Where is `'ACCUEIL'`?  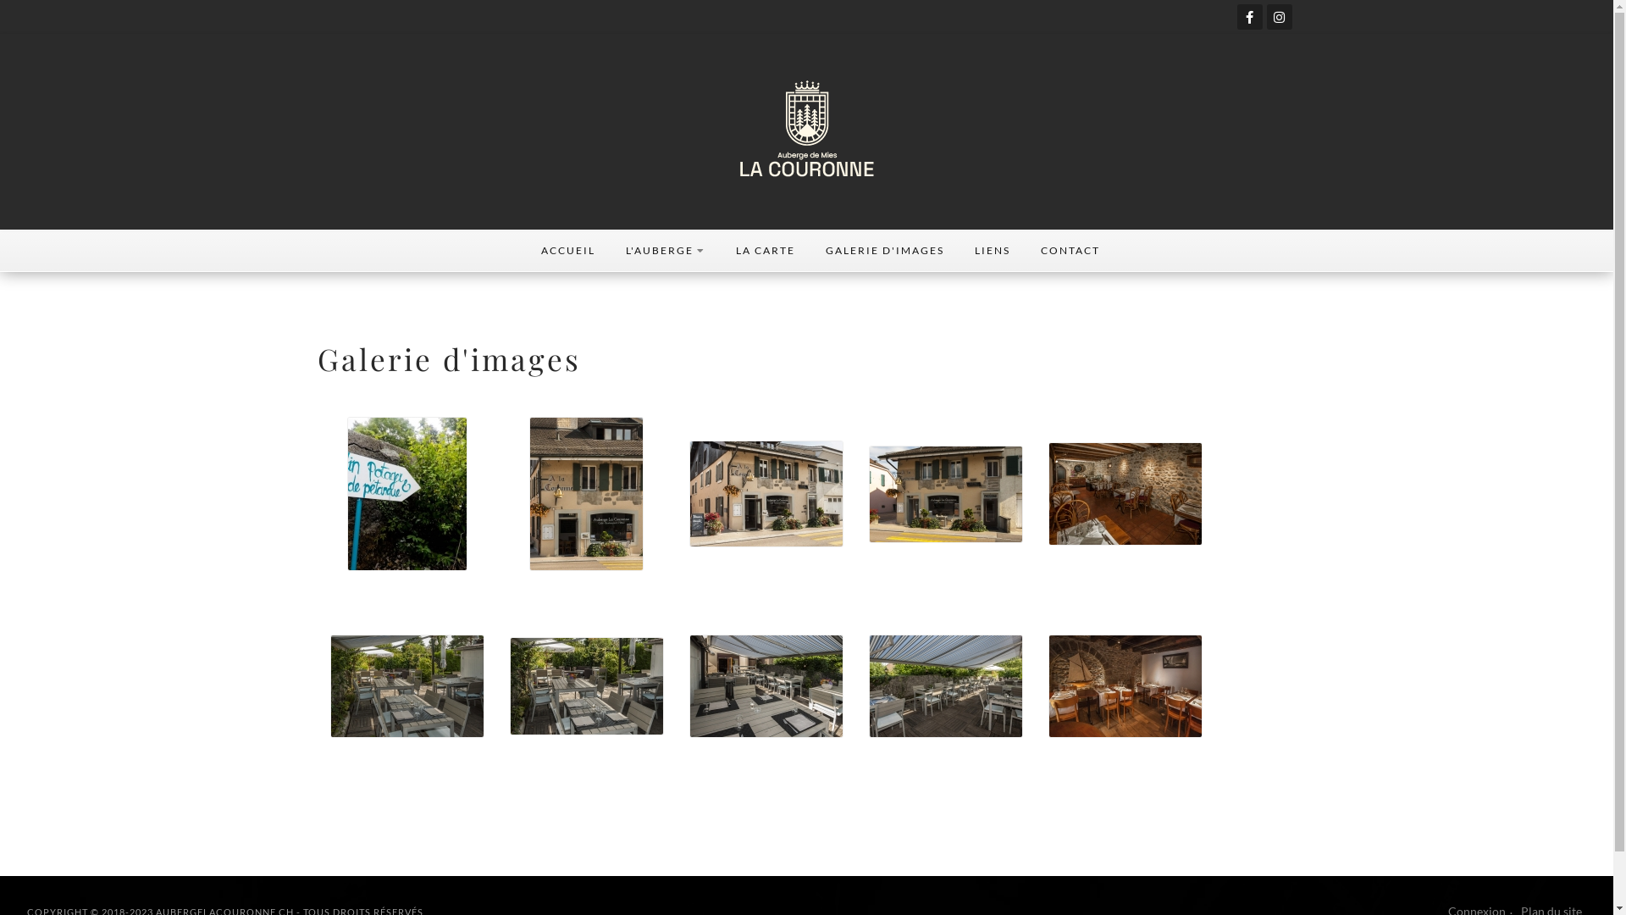 'ACCUEIL' is located at coordinates (523, 251).